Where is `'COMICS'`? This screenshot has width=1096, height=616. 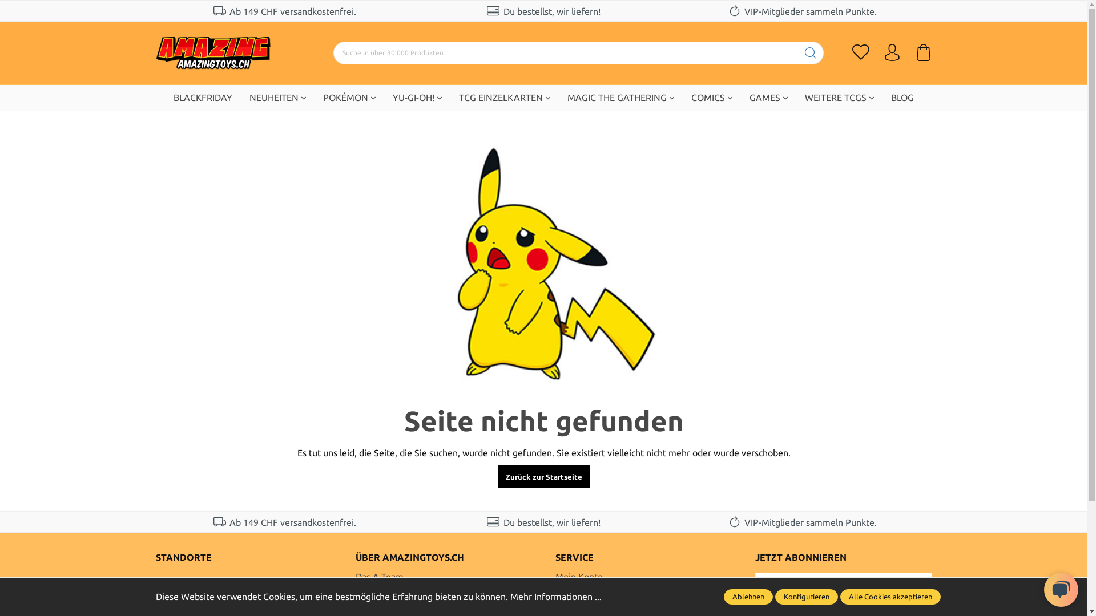
'COMICS' is located at coordinates (682, 96).